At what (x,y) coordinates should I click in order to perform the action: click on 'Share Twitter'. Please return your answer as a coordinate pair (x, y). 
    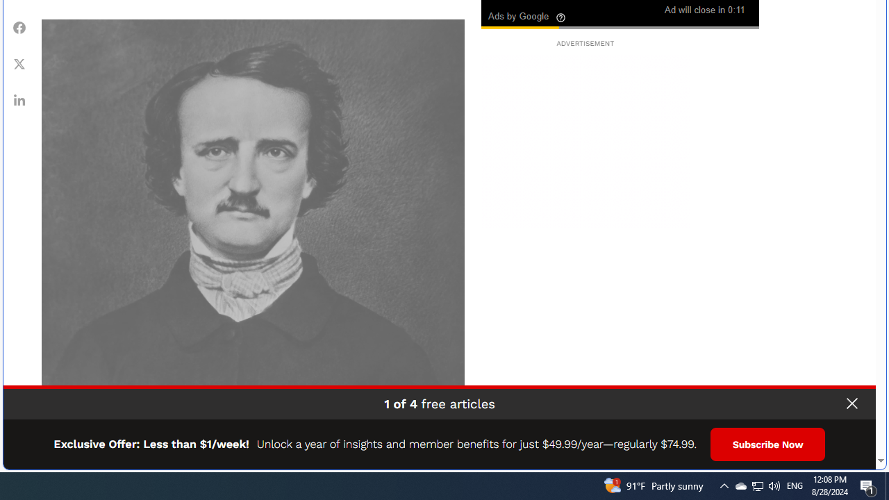
    Looking at the image, I should click on (19, 63).